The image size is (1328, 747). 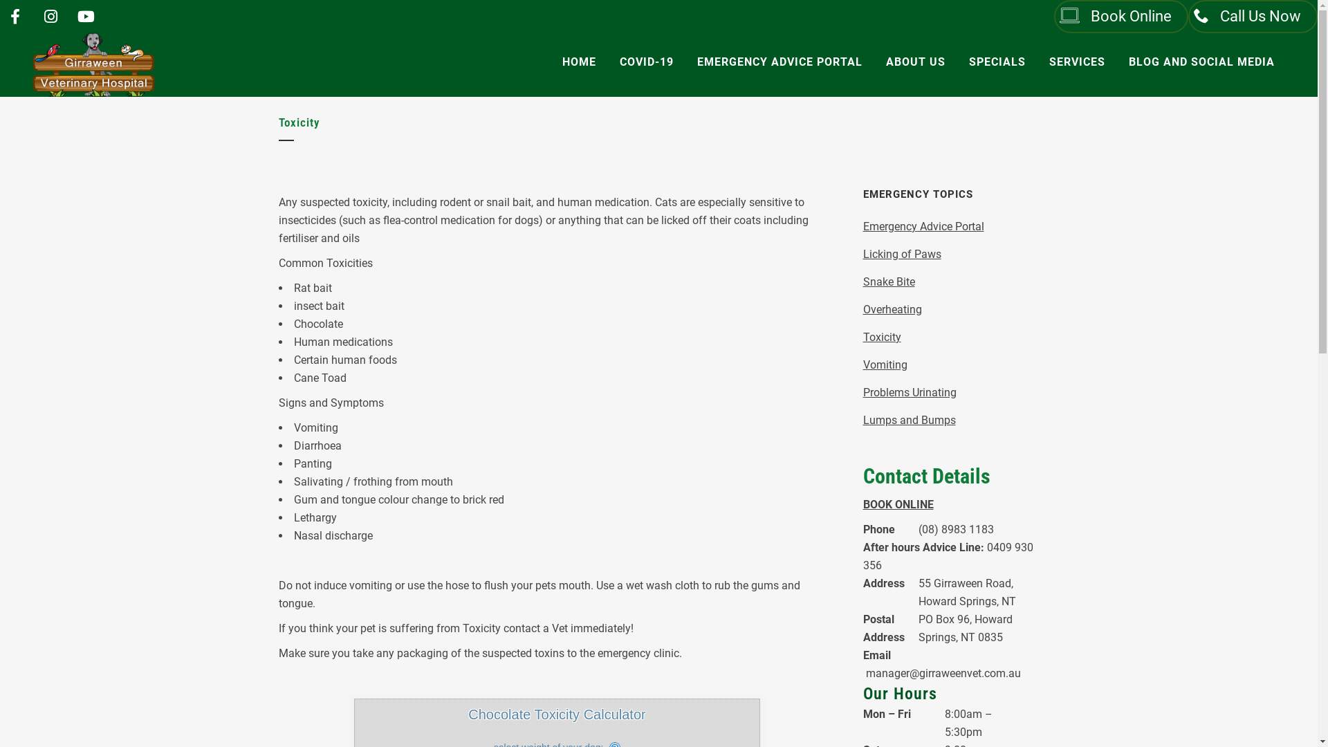 I want to click on 'SERVICES', so click(x=1076, y=61).